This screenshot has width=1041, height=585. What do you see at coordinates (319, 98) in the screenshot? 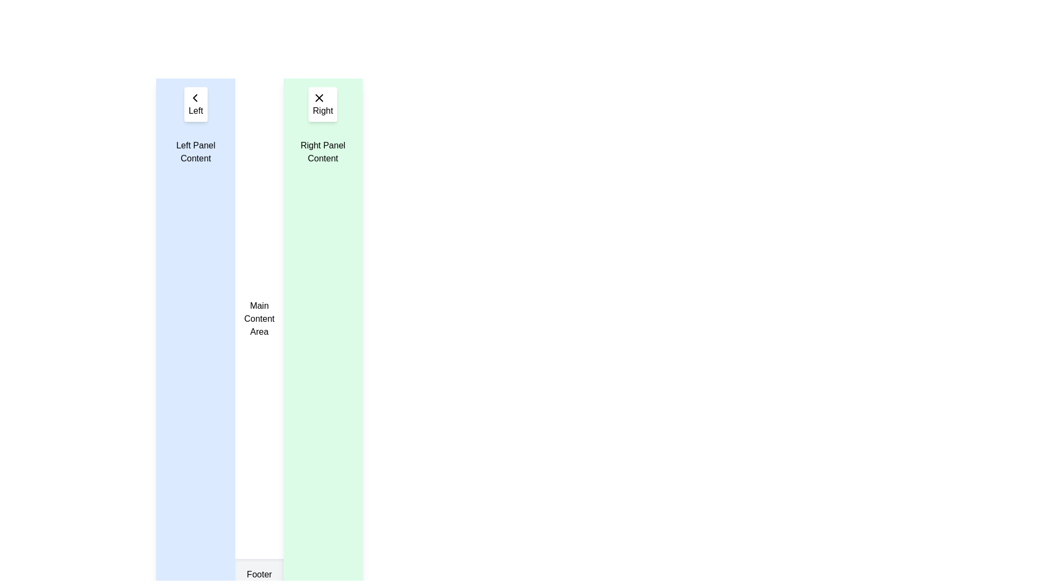
I see `the Close Icon located in the right panel content section` at bounding box center [319, 98].